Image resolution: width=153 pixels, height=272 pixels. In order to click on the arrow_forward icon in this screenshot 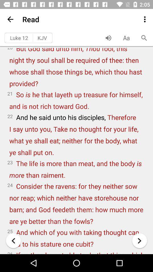, I will do `click(139, 240)`.